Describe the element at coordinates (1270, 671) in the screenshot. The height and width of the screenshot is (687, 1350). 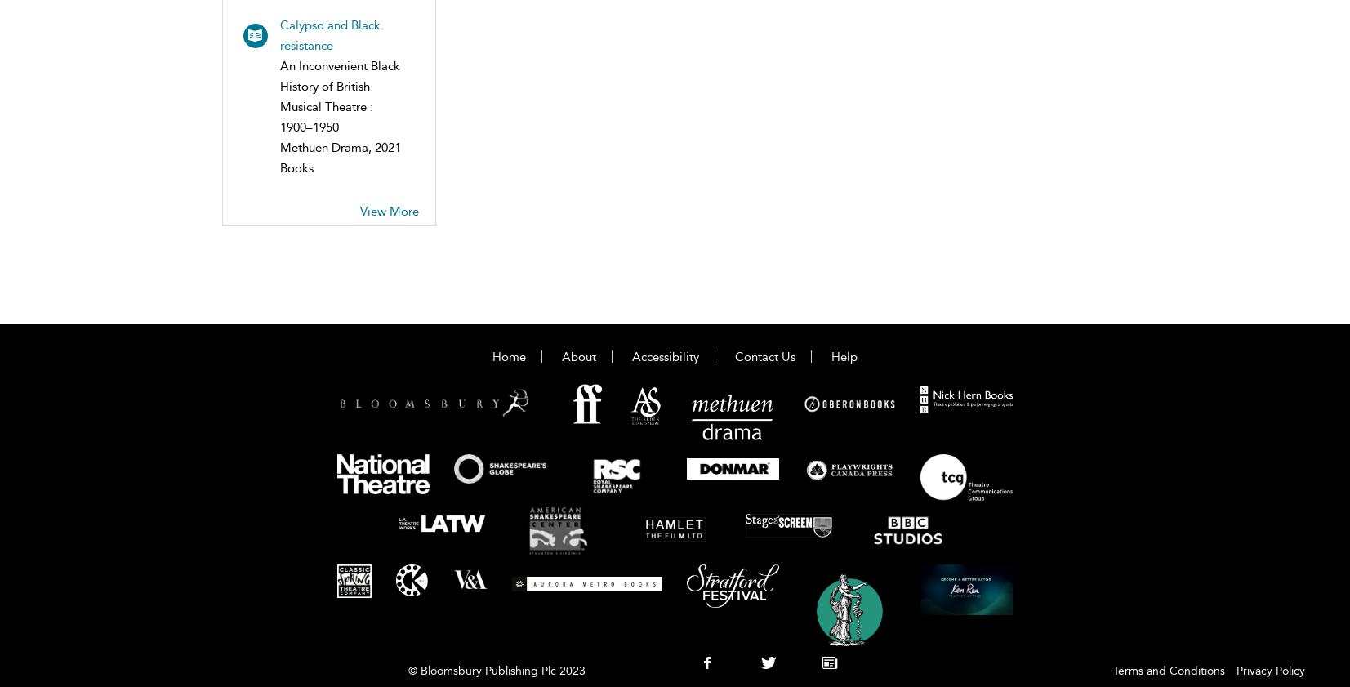
I see `'Privacy Policy'` at that location.